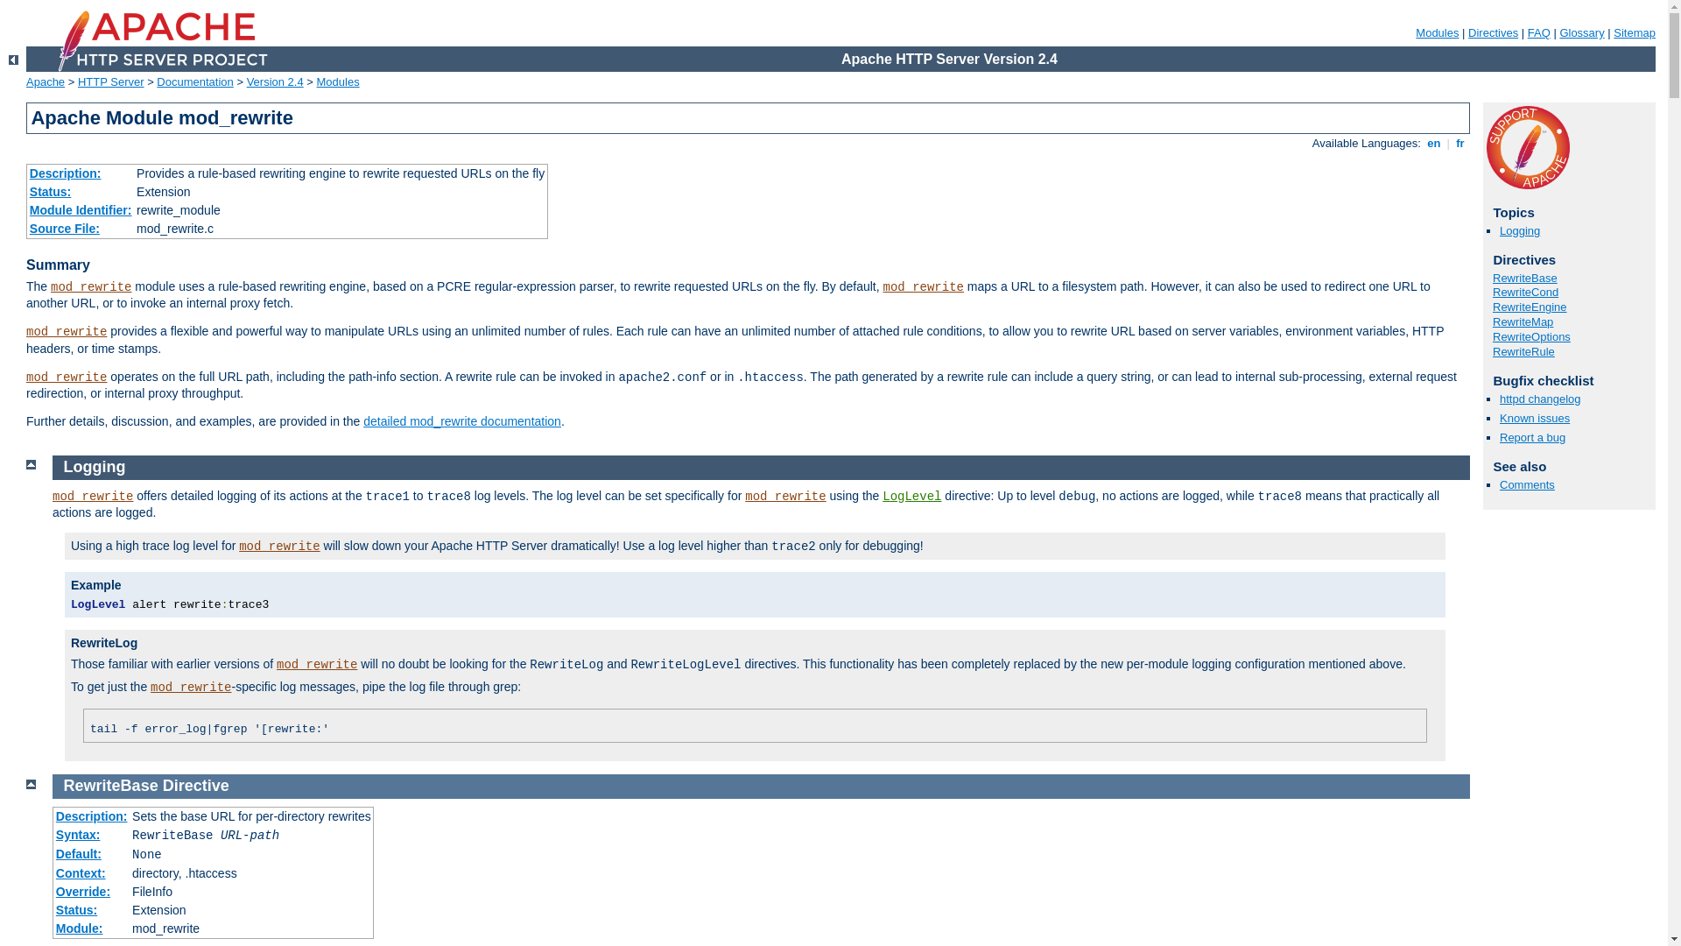  I want to click on 'Logging', so click(94, 465).